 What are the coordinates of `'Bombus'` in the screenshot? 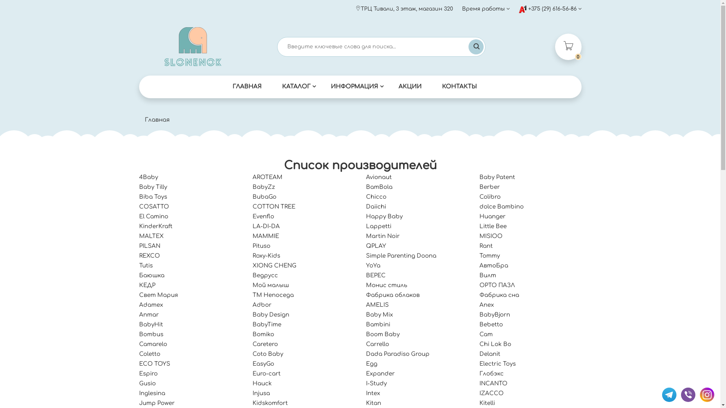 It's located at (151, 334).